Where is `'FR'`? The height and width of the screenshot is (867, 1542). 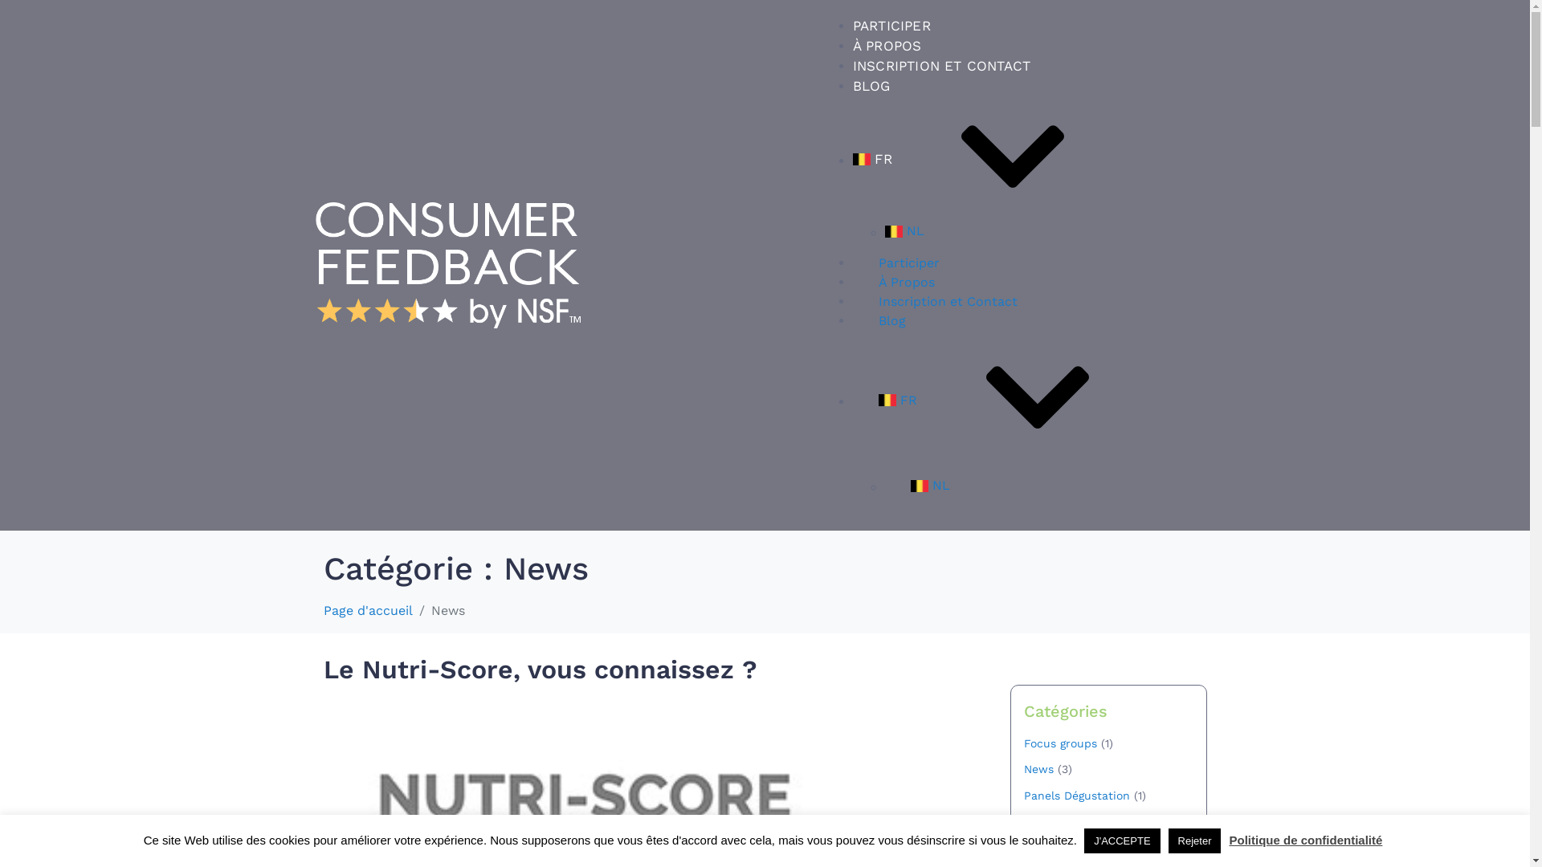 'FR' is located at coordinates (851, 399).